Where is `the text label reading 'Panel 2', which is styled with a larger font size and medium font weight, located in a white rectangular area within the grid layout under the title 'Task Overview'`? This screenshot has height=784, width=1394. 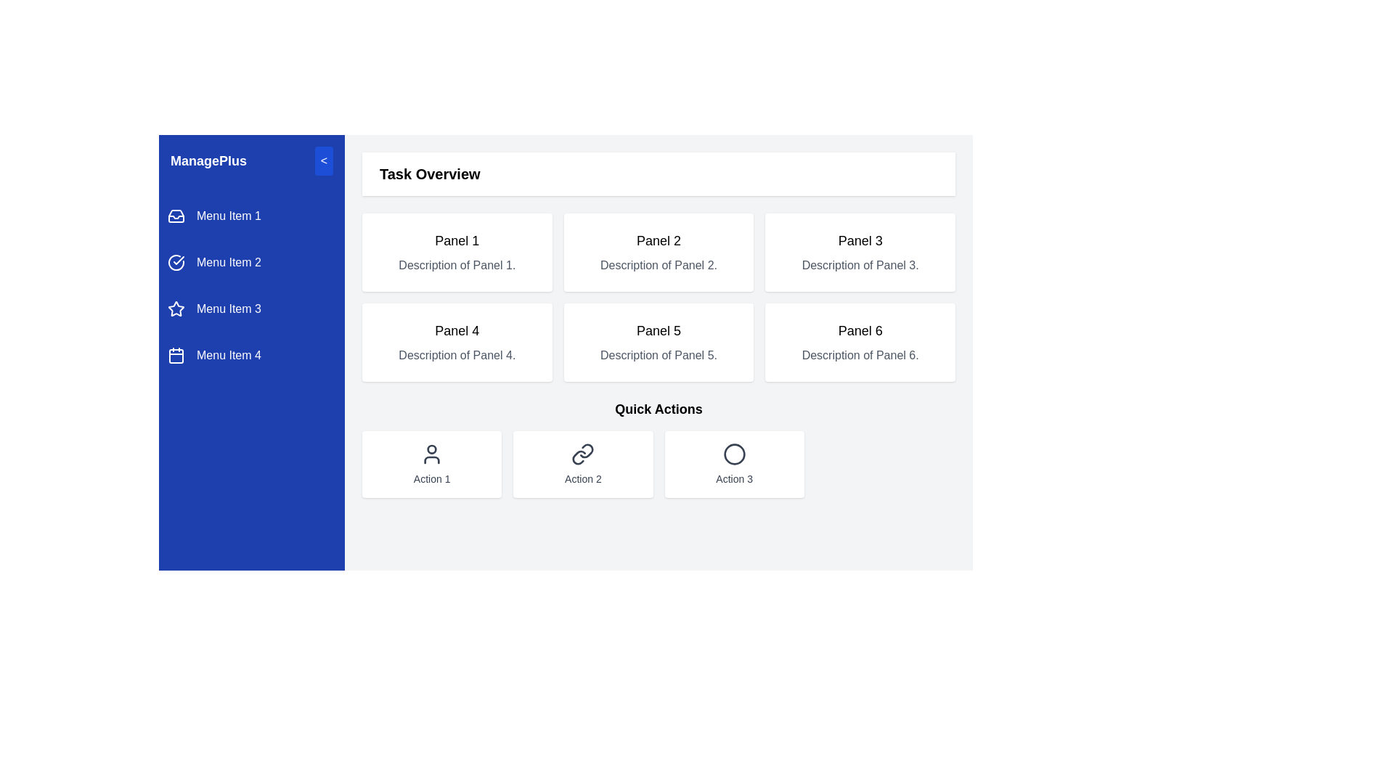
the text label reading 'Panel 2', which is styled with a larger font size and medium font weight, located in a white rectangular area within the grid layout under the title 'Task Overview' is located at coordinates (658, 240).